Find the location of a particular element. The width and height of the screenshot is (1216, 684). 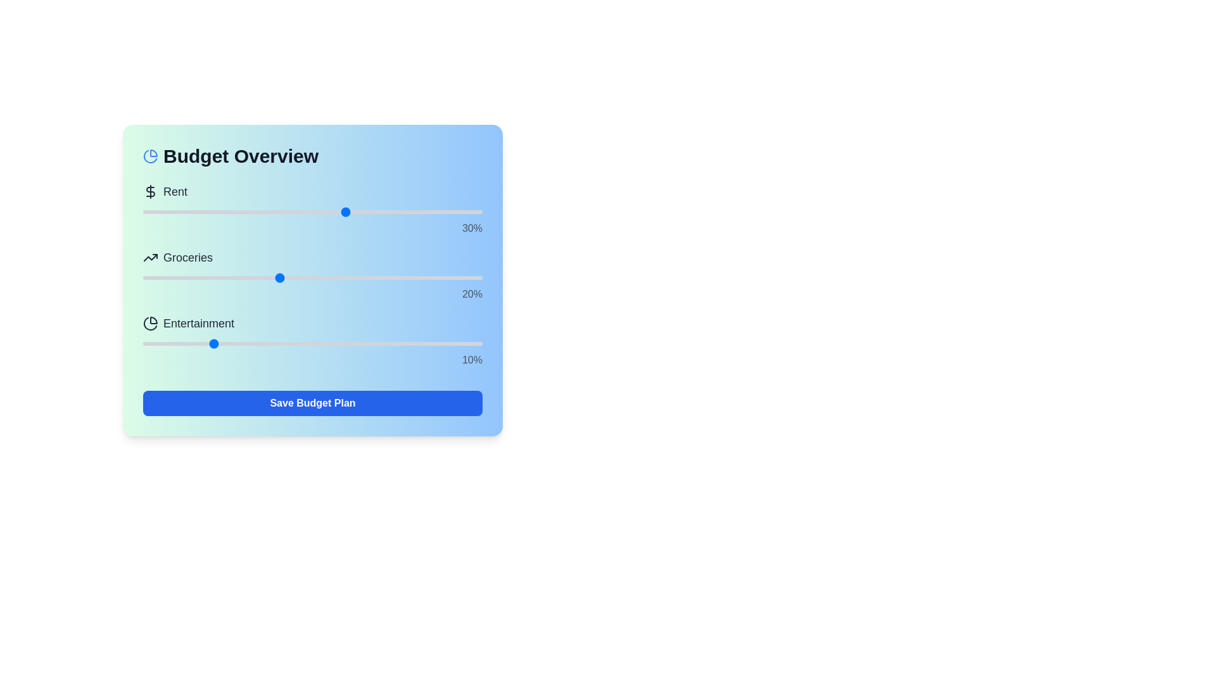

the 'Groceries' slider is located at coordinates (441, 277).